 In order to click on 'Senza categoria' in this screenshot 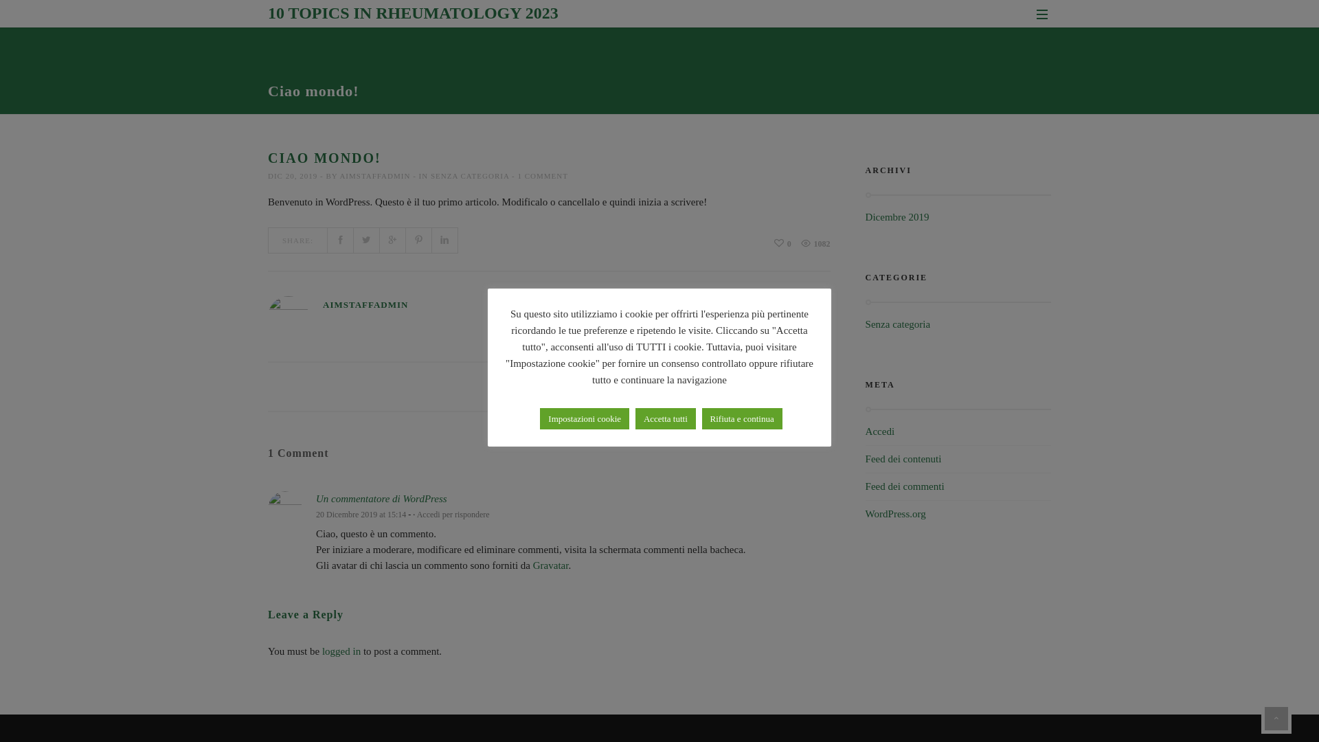, I will do `click(898, 324)`.